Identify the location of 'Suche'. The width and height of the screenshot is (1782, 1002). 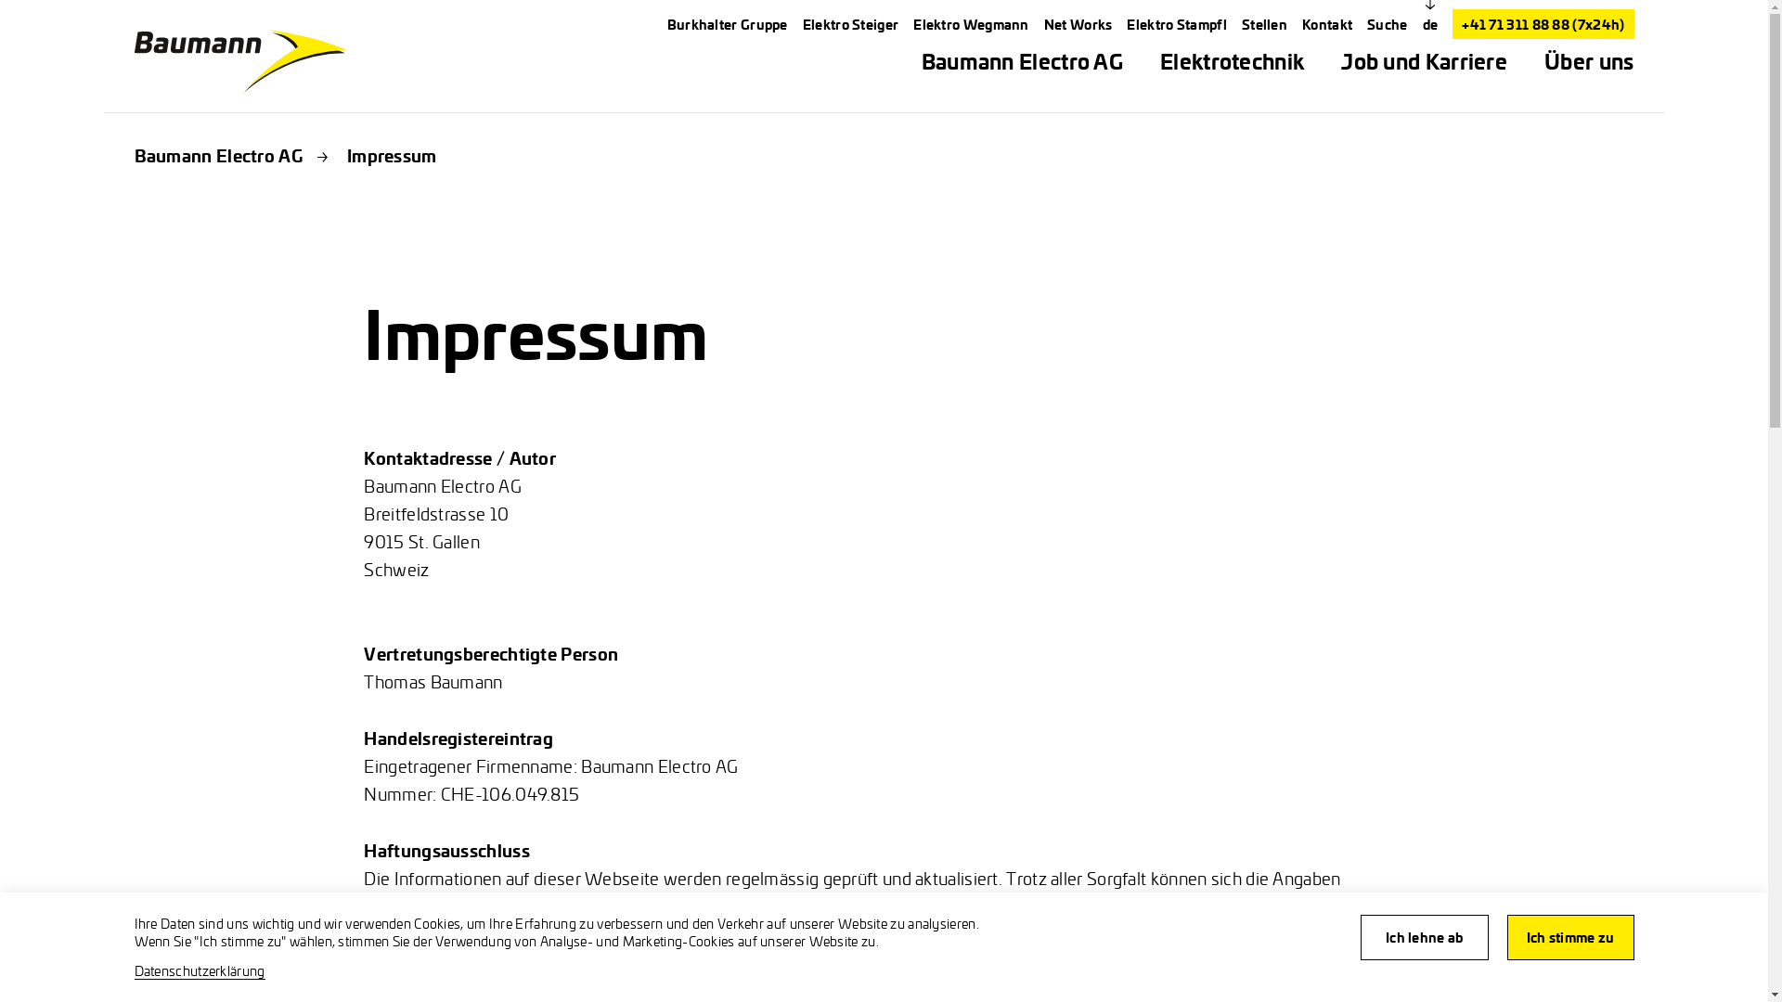
(1387, 24).